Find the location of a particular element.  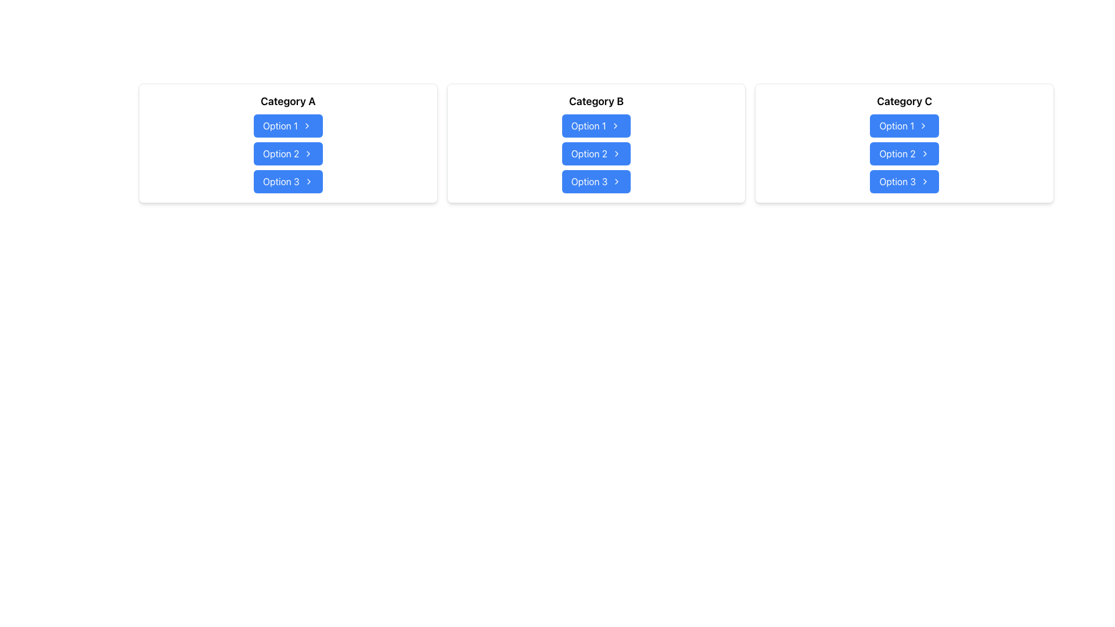

the buttons in the vertical button group located under the 'Category A' heading to make a selection is located at coordinates (287, 153).